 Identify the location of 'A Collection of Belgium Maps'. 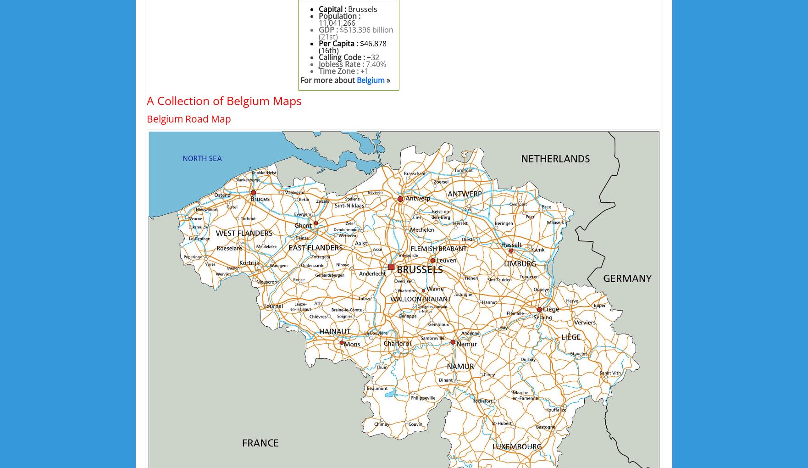
(223, 100).